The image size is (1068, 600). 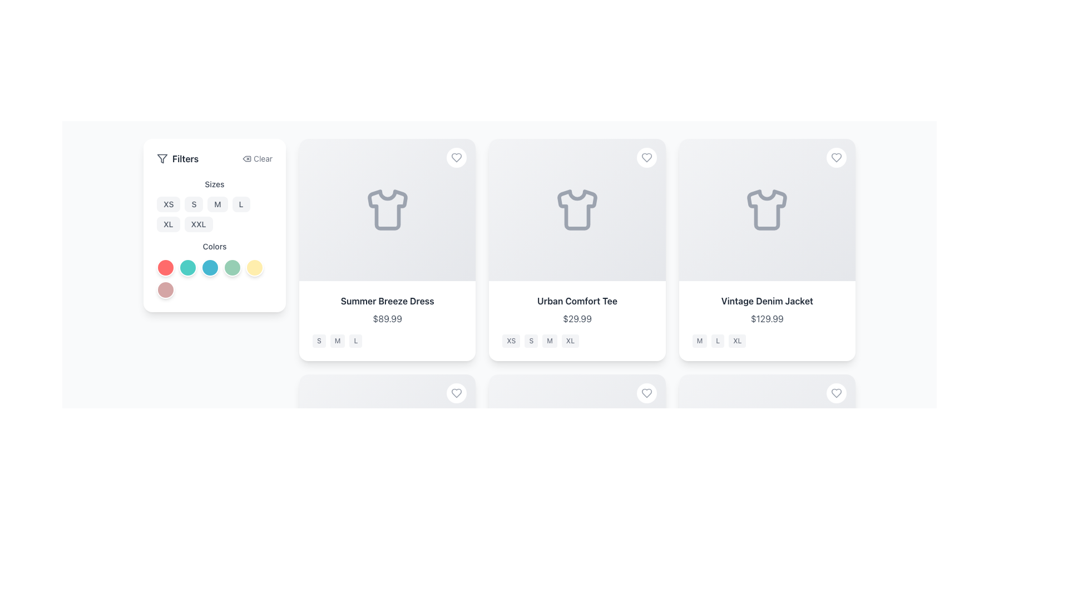 I want to click on the first rounded rectangular badge with a light gray background and the text 'S' below the 'Summer Breeze Dress' card in the 'Sizes' group, so click(x=318, y=340).